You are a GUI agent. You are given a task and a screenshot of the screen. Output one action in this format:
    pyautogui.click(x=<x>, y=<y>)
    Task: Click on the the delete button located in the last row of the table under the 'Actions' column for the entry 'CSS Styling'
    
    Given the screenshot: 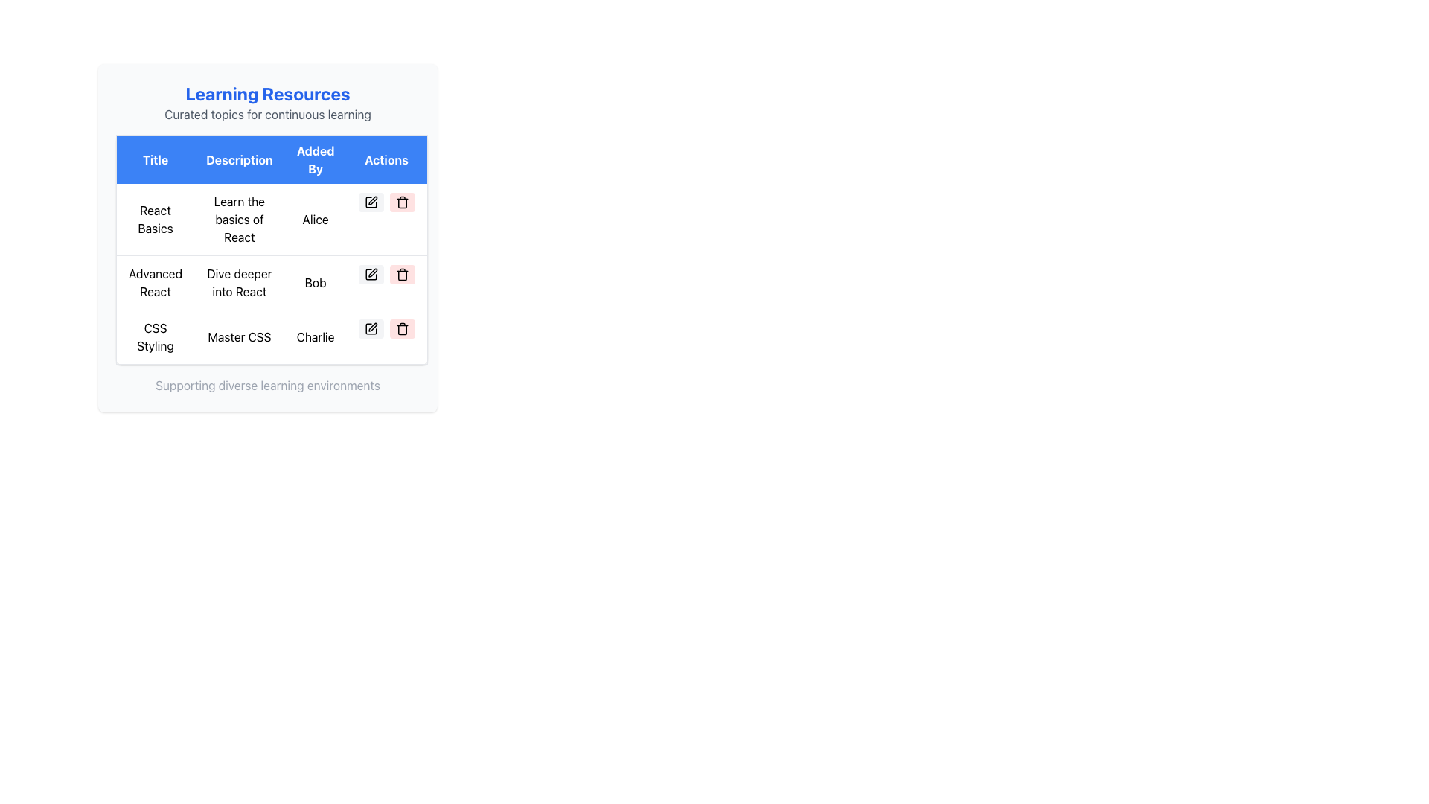 What is the action you would take?
    pyautogui.click(x=402, y=328)
    